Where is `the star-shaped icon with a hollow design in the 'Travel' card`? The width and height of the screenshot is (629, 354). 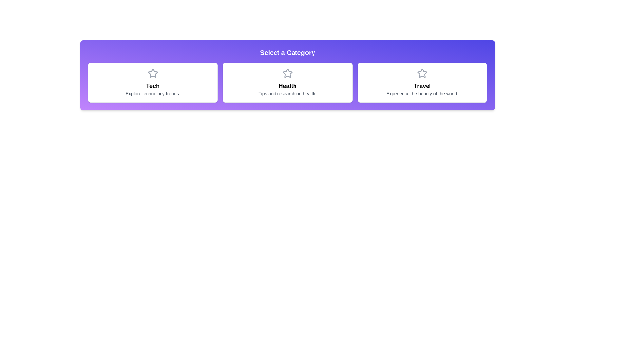
the star-shaped icon with a hollow design in the 'Travel' card is located at coordinates (422, 73).